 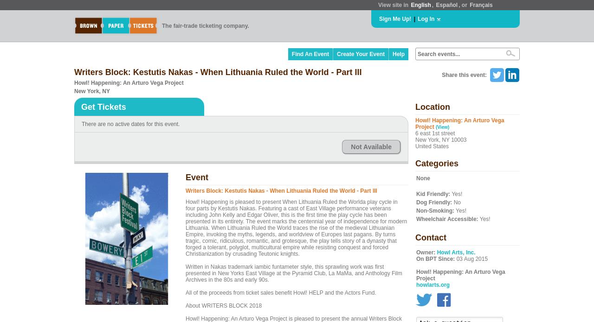 What do you see at coordinates (481, 5) in the screenshot?
I see `'Français'` at bounding box center [481, 5].